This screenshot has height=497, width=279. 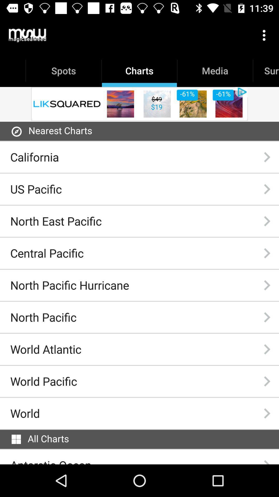 What do you see at coordinates (16, 131) in the screenshot?
I see `item to the left of nearest charts` at bounding box center [16, 131].